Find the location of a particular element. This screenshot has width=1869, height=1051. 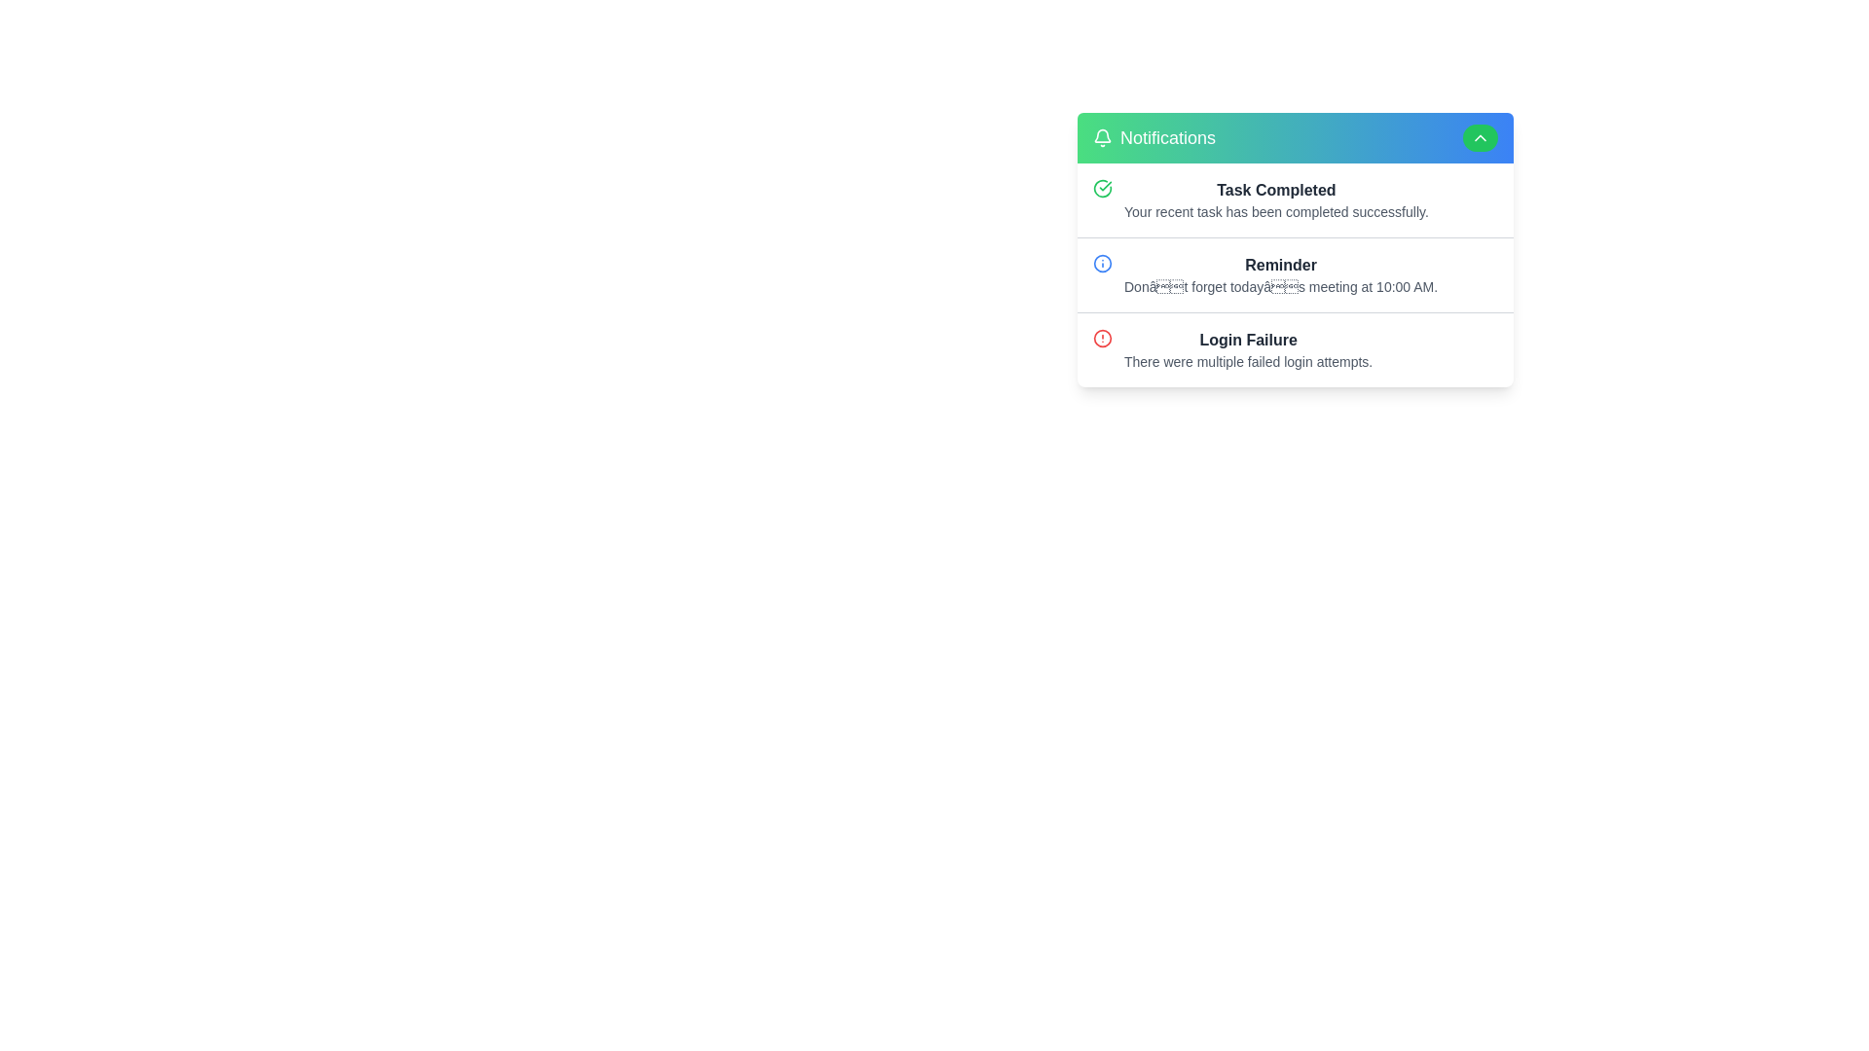

the bell icon, which is a thin, gray stroke-based graphical element located near the top-left corner of the notifications area is located at coordinates (1102, 134).